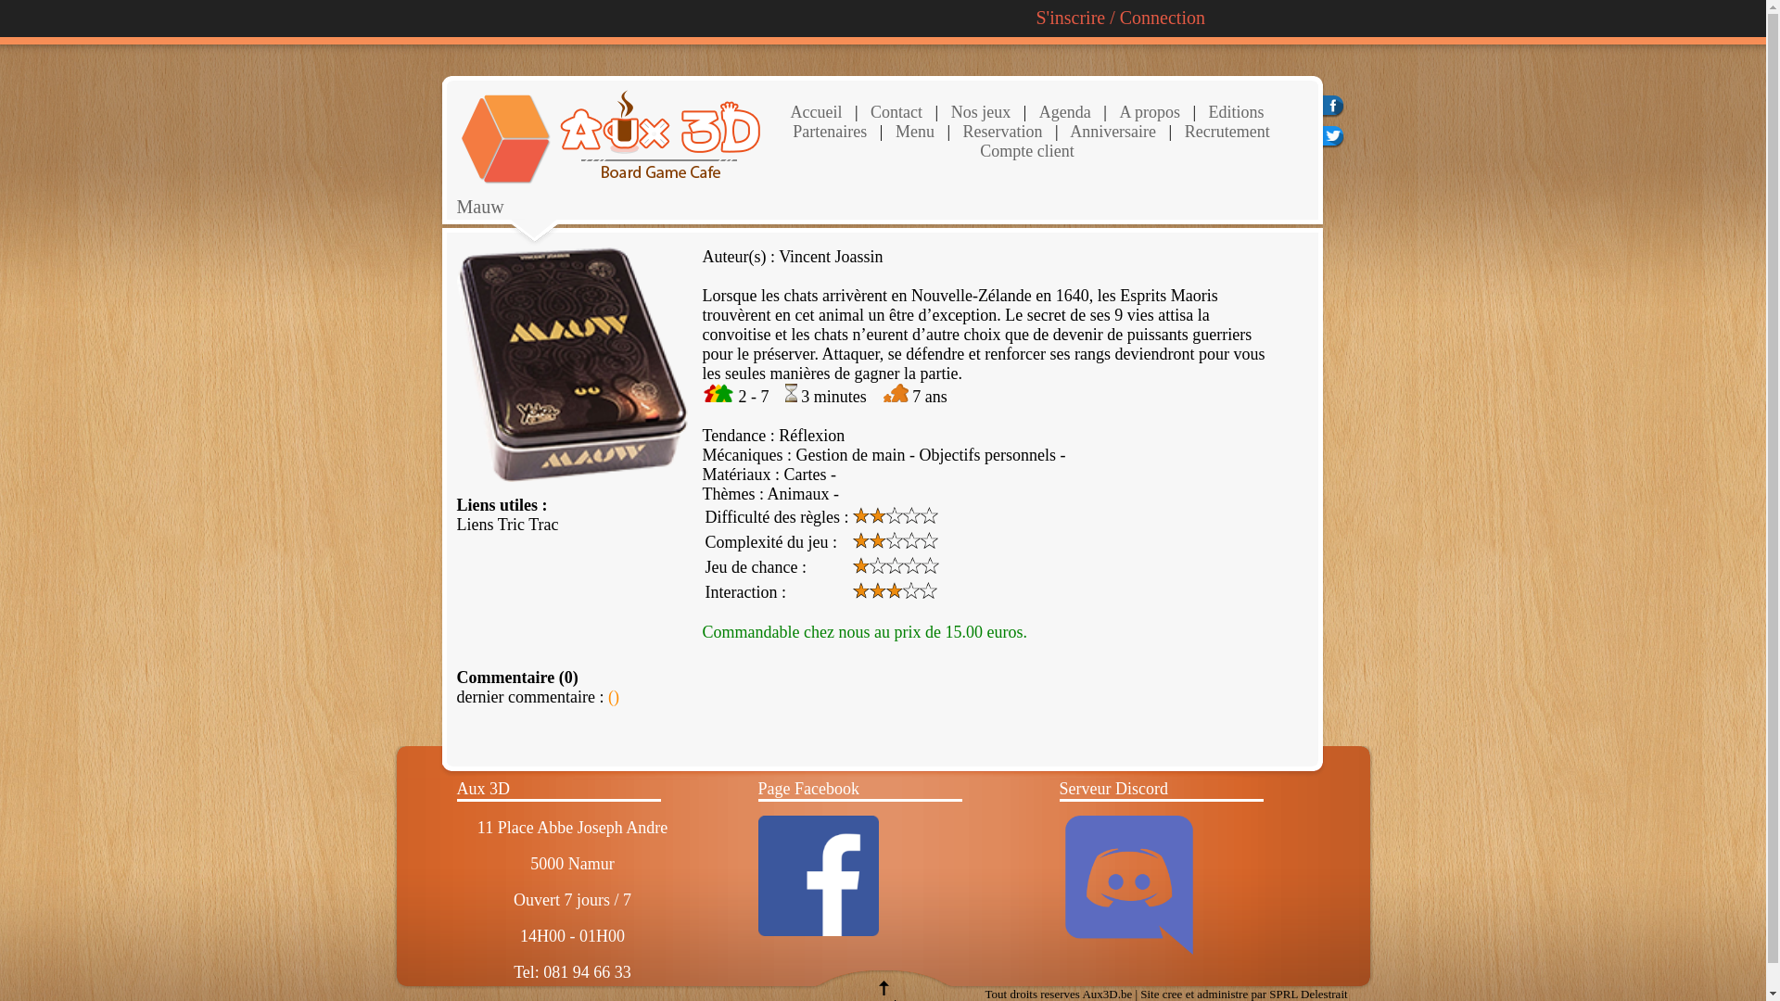  Describe the element at coordinates (1064, 111) in the screenshot. I see `'Agenda'` at that location.